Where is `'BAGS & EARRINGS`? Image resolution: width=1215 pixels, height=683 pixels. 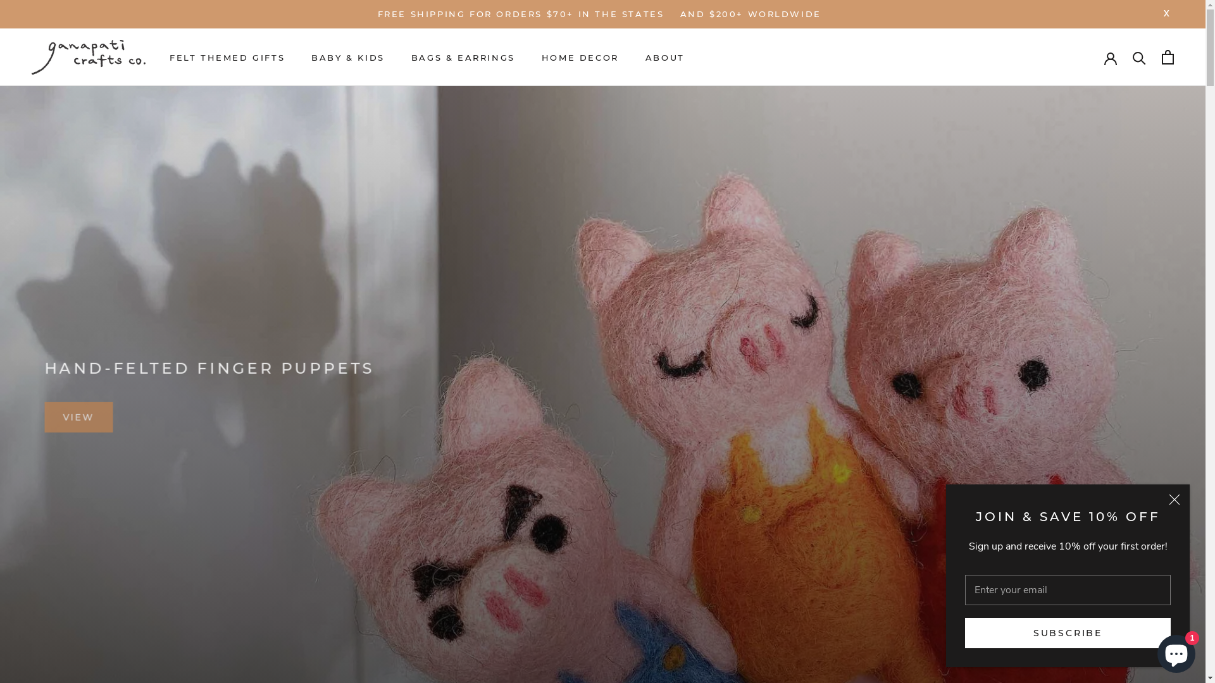
'BAGS & EARRINGS is located at coordinates (462, 58).